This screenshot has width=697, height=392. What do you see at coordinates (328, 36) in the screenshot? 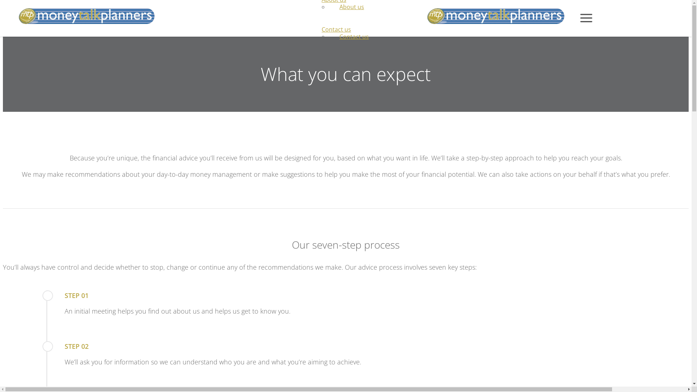
I see `'Contact us'` at bounding box center [328, 36].